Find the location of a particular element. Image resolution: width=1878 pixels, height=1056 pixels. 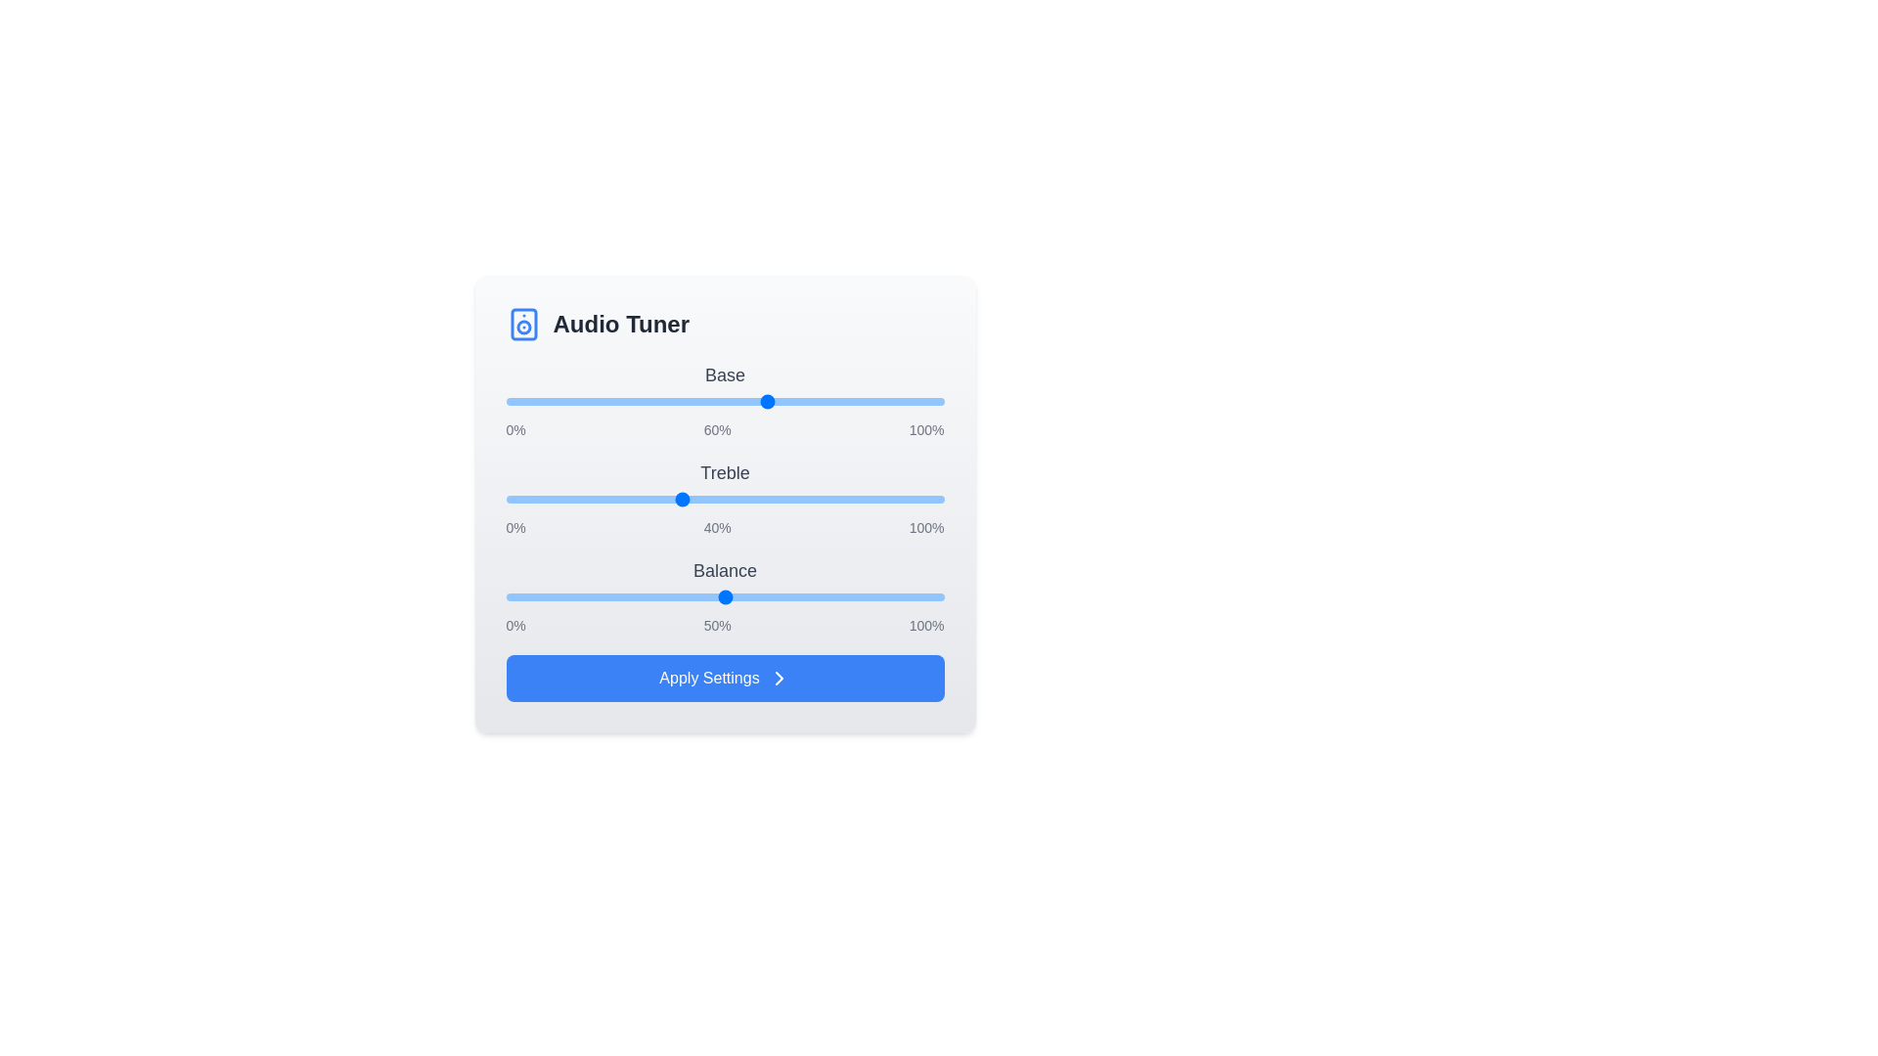

the 0 slider to 24% is located at coordinates (609, 401).